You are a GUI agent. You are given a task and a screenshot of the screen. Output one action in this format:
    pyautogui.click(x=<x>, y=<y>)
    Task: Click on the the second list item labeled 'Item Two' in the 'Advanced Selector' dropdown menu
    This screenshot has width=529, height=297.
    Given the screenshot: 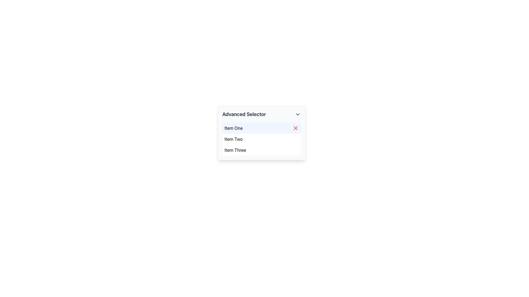 What is the action you would take?
    pyautogui.click(x=261, y=139)
    